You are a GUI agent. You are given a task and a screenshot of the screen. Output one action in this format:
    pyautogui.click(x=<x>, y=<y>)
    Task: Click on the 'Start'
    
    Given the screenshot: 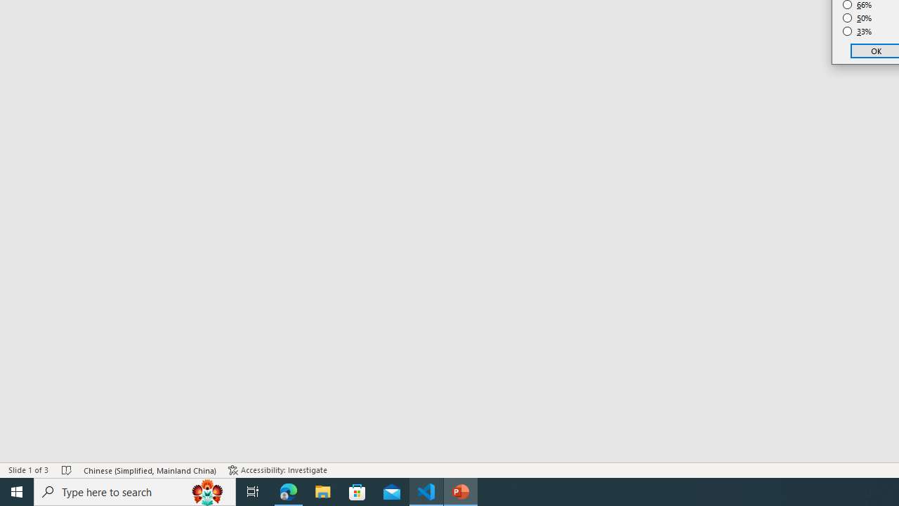 What is the action you would take?
    pyautogui.click(x=17, y=491)
    